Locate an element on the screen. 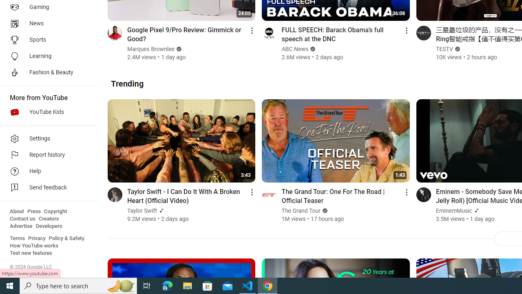 The width and height of the screenshot is (522, 294). 'Sports' is located at coordinates (46, 40).